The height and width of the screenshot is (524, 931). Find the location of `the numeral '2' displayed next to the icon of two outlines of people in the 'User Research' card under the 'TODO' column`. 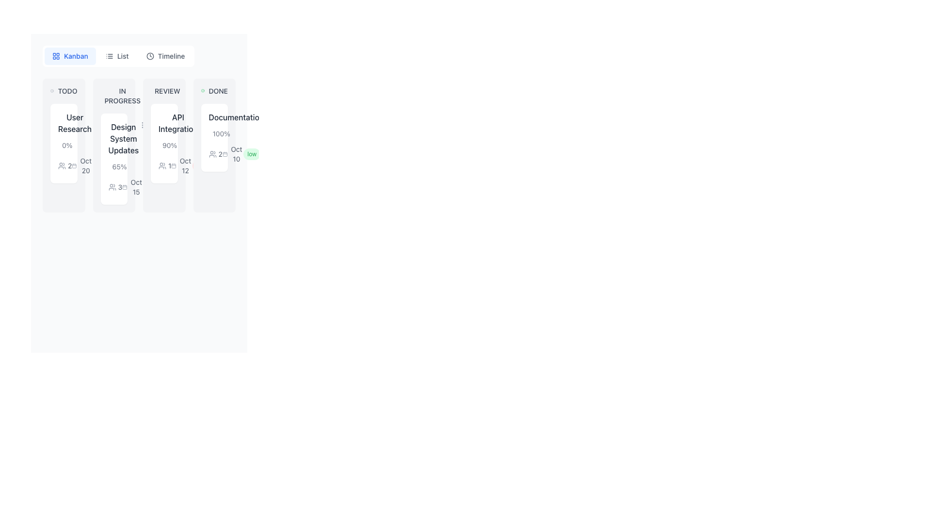

the numeral '2' displayed next to the icon of two outlines of people in the 'User Research' card under the 'TODO' column is located at coordinates (64, 165).